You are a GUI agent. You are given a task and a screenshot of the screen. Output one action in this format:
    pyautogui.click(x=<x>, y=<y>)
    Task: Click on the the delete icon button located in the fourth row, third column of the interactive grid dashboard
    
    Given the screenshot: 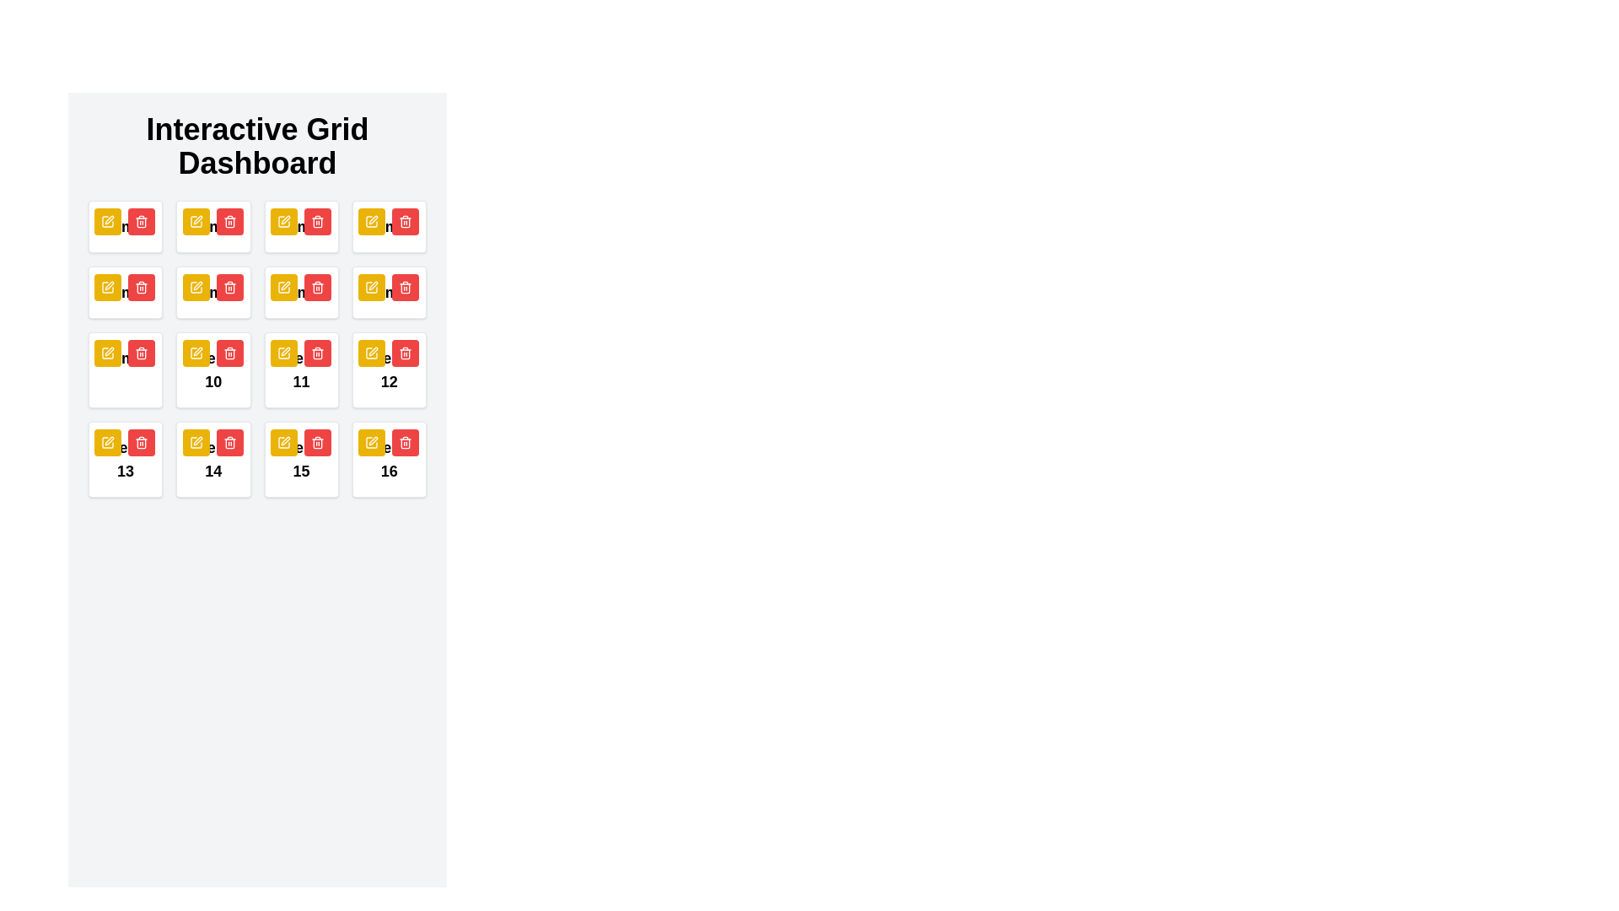 What is the action you would take?
    pyautogui.click(x=229, y=353)
    